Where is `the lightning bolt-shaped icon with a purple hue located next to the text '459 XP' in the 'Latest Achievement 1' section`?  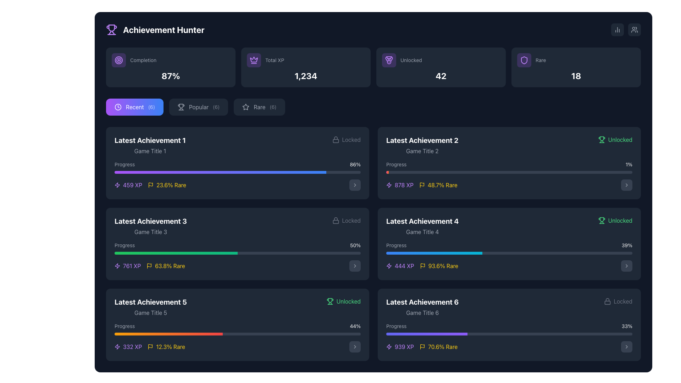 the lightning bolt-shaped icon with a purple hue located next to the text '459 XP' in the 'Latest Achievement 1' section is located at coordinates (117, 184).